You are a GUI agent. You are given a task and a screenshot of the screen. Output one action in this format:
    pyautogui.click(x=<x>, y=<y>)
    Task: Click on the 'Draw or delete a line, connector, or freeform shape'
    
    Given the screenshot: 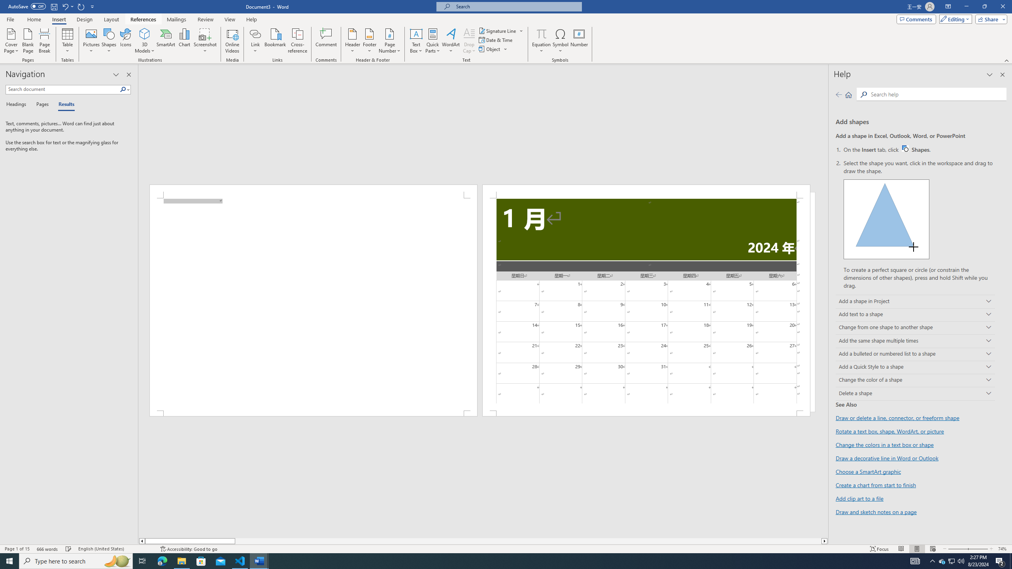 What is the action you would take?
    pyautogui.click(x=897, y=418)
    